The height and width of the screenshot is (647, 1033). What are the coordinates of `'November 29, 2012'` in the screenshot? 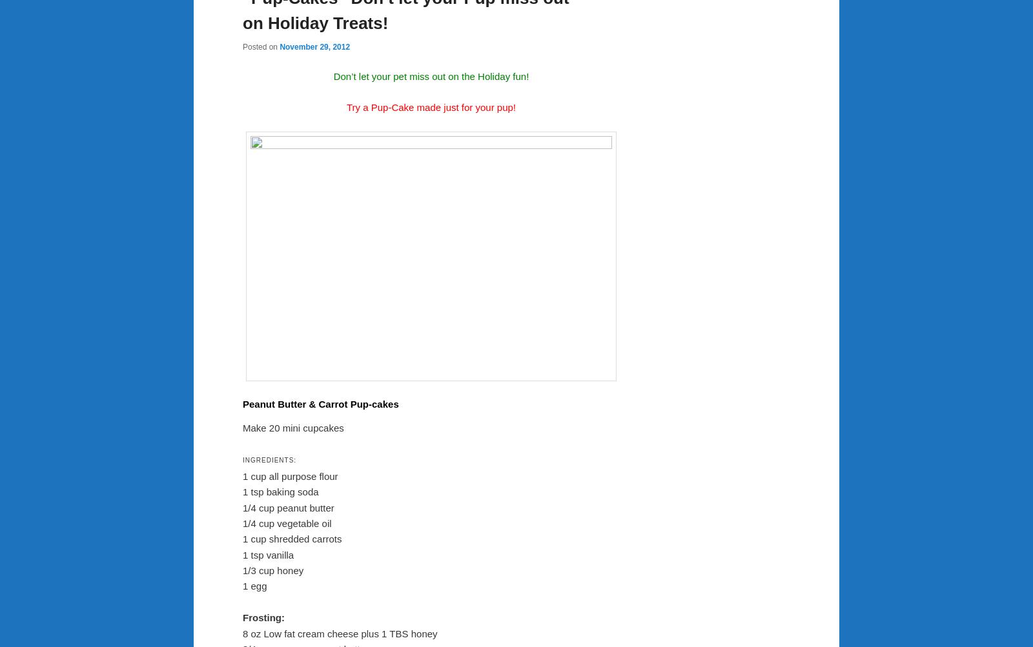 It's located at (314, 47).